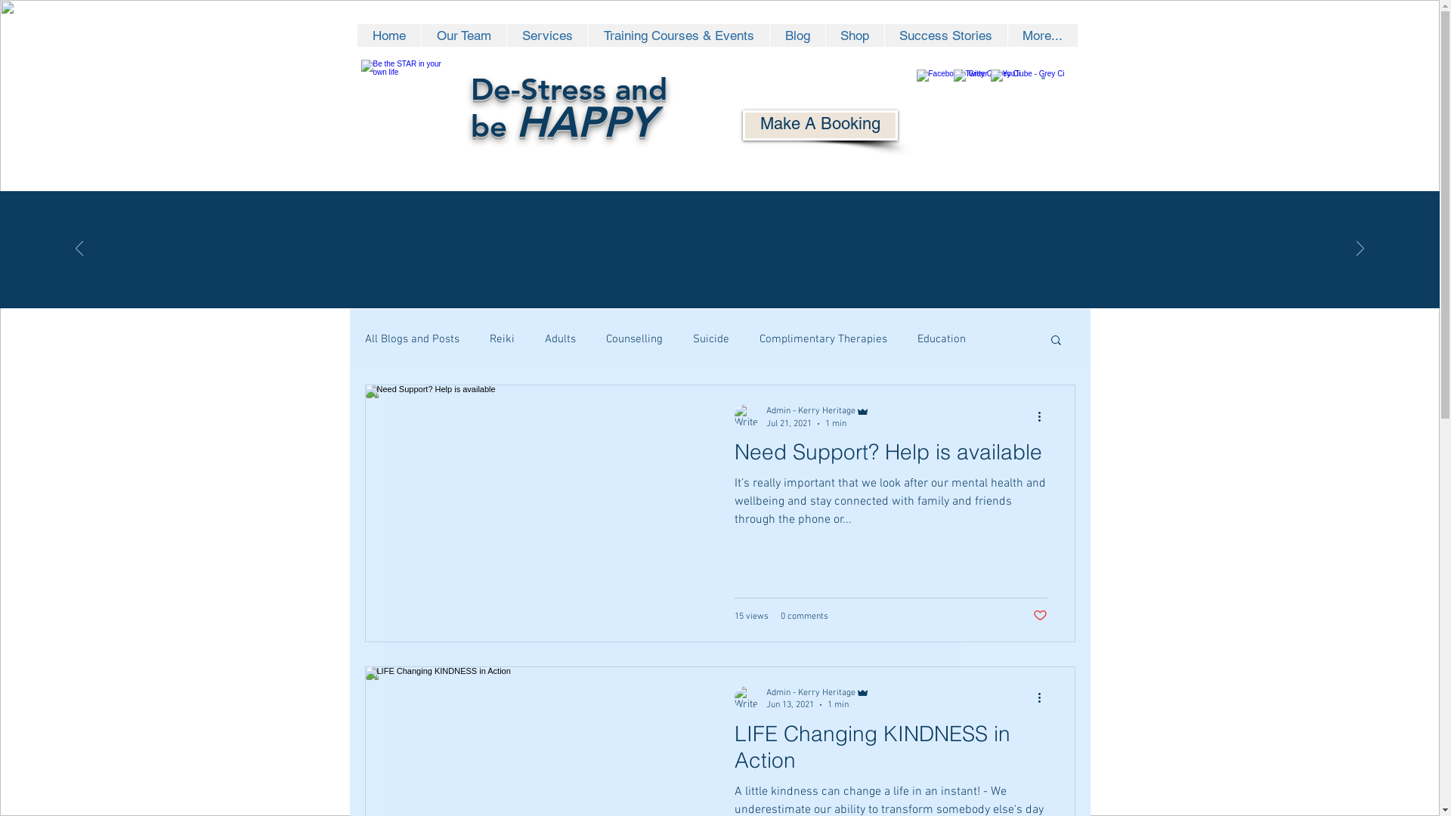  I want to click on 'Adults', so click(544, 338).